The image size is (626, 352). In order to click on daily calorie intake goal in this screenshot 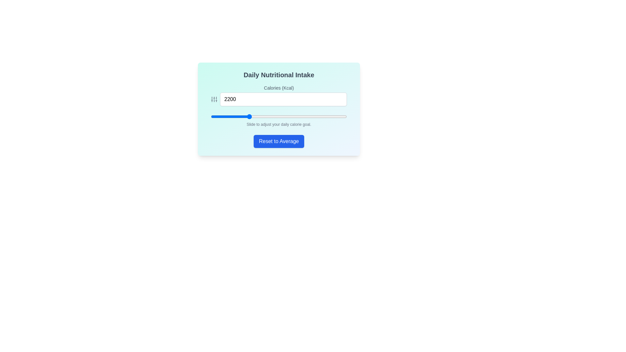, I will do `click(328, 116)`.